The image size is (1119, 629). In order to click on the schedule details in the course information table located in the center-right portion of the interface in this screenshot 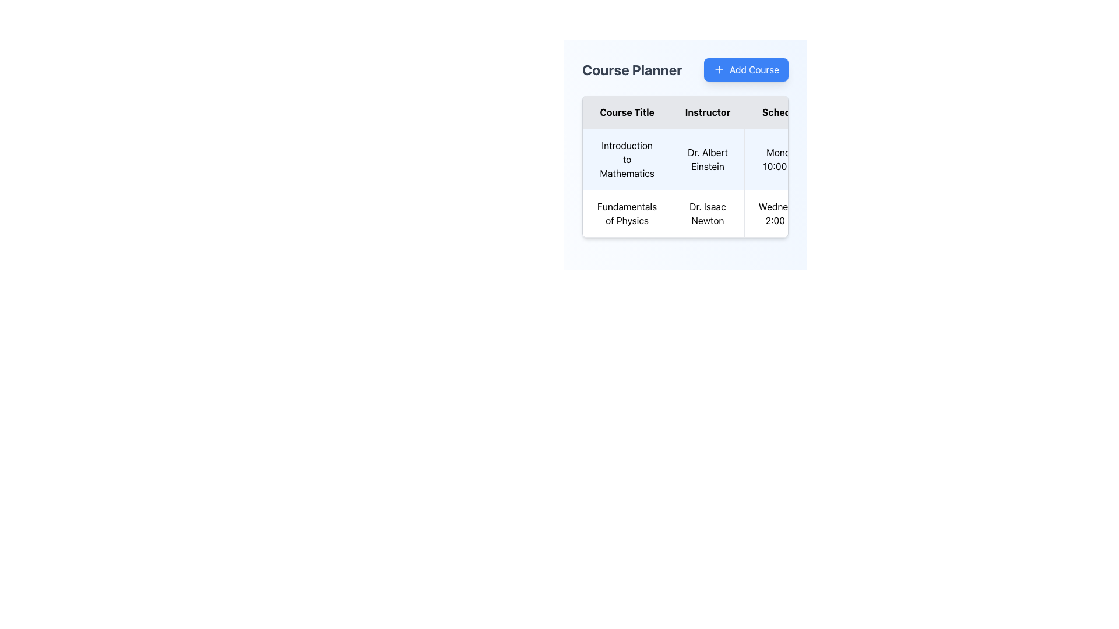, I will do `click(733, 183)`.